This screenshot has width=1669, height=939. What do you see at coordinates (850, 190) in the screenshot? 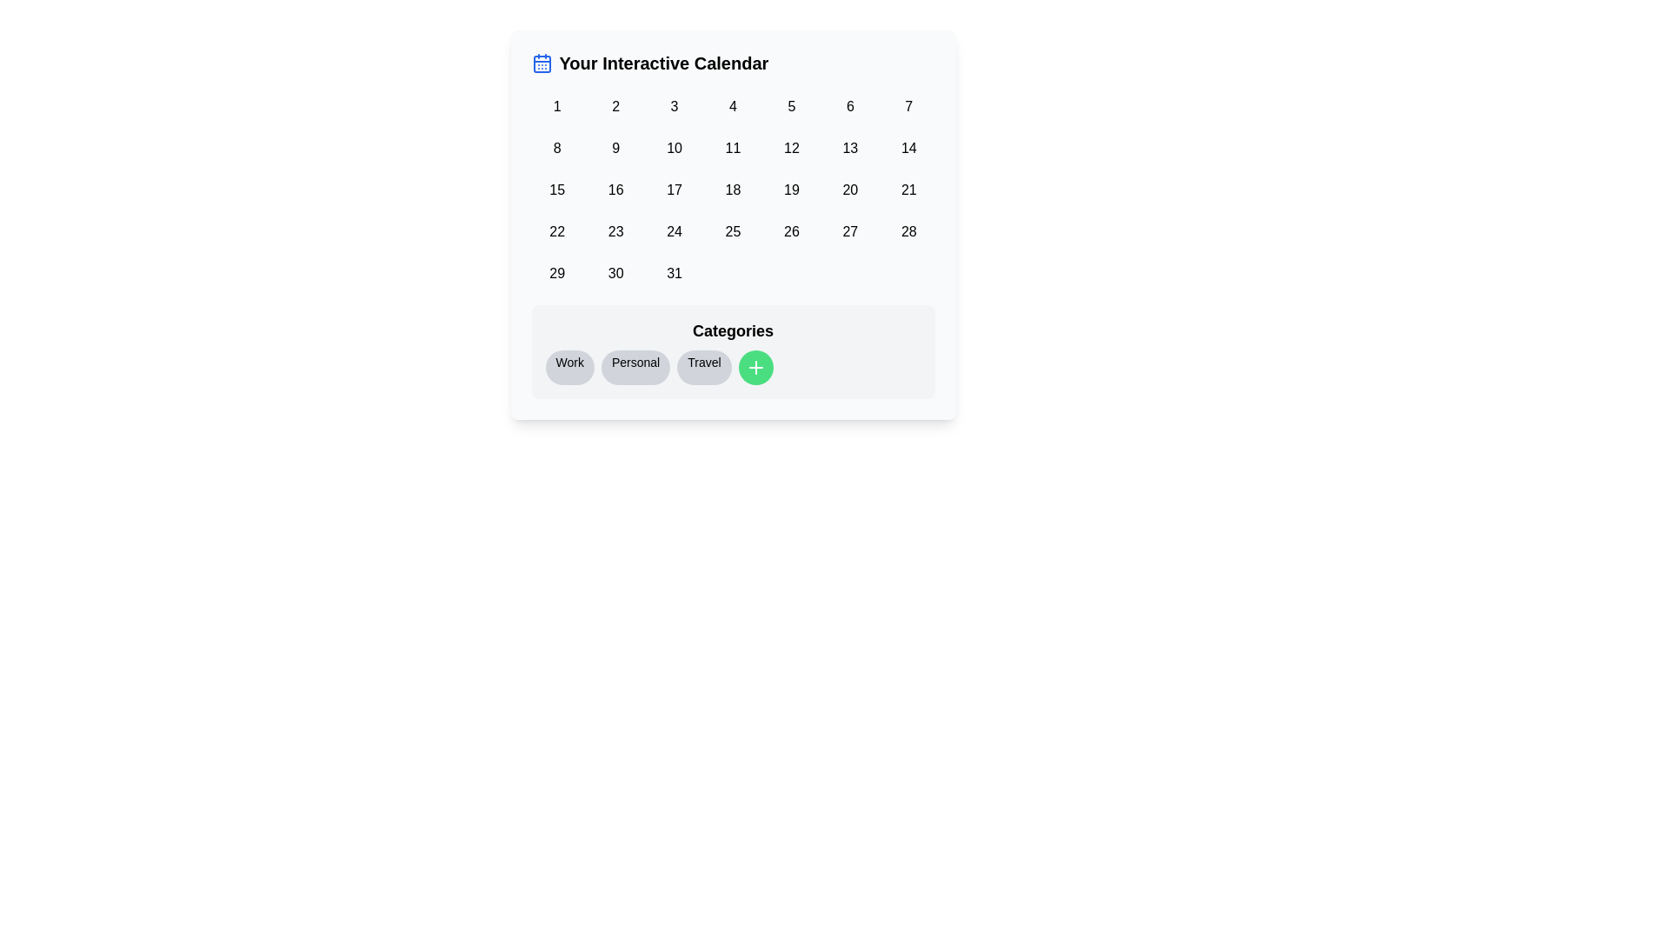
I see `the button labeled '20', which is the sixth item in the third row of a 7-column grid in the interactive calendar` at bounding box center [850, 190].